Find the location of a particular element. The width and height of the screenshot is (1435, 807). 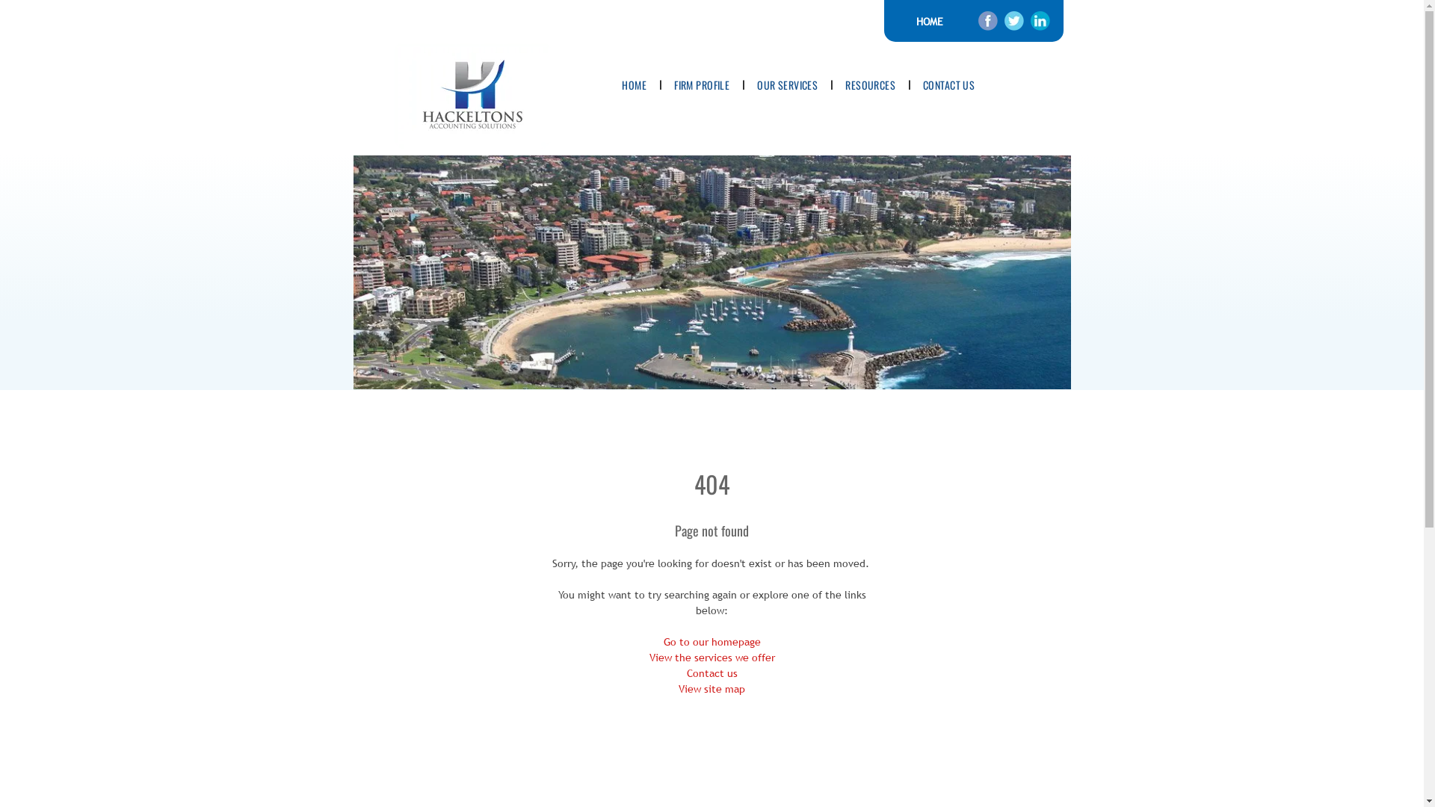

'HOME' is located at coordinates (928, 20).